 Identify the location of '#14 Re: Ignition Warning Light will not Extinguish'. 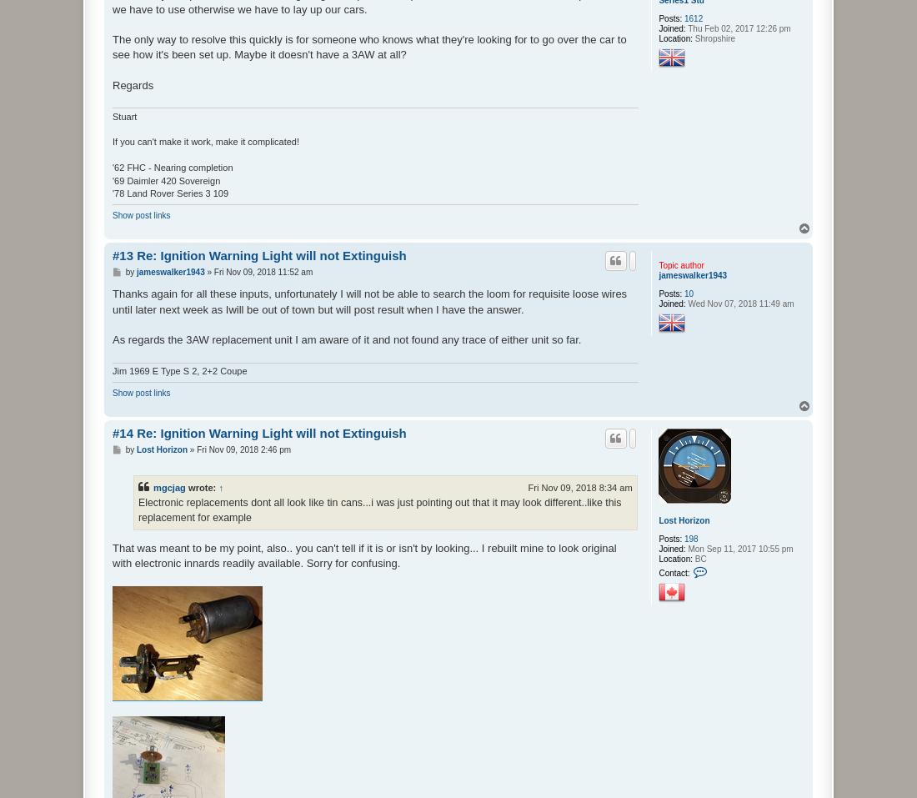
(258, 433).